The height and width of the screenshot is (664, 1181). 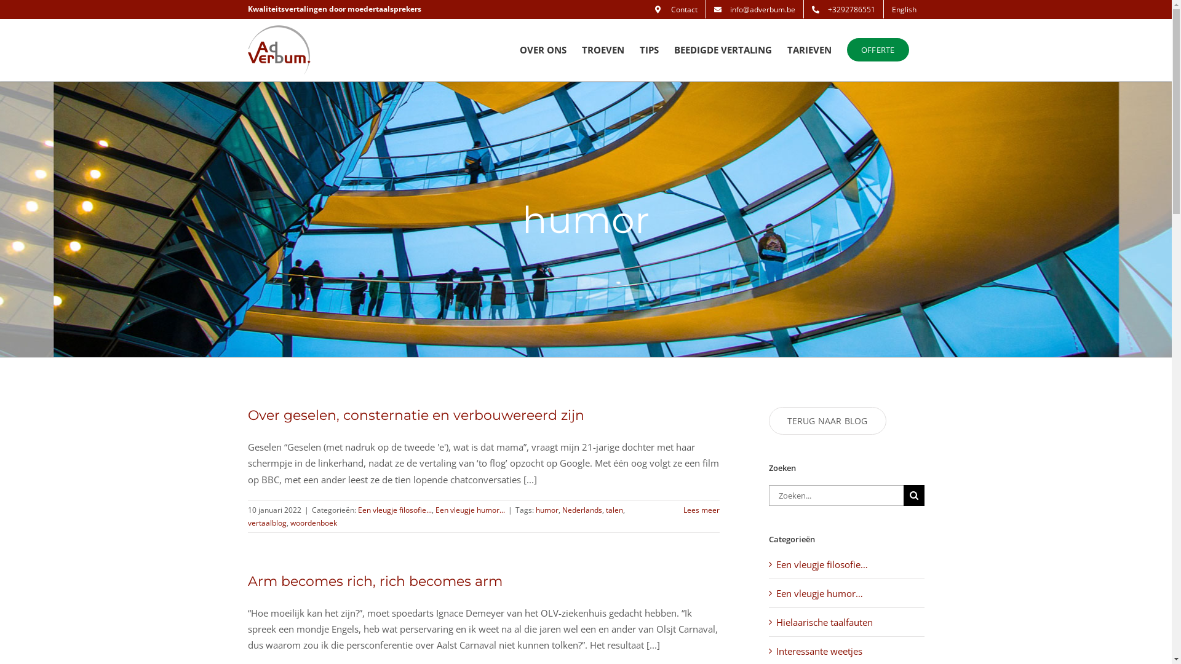 What do you see at coordinates (415, 415) in the screenshot?
I see `'Over geselen, consternatie en verbouwereerd zijn'` at bounding box center [415, 415].